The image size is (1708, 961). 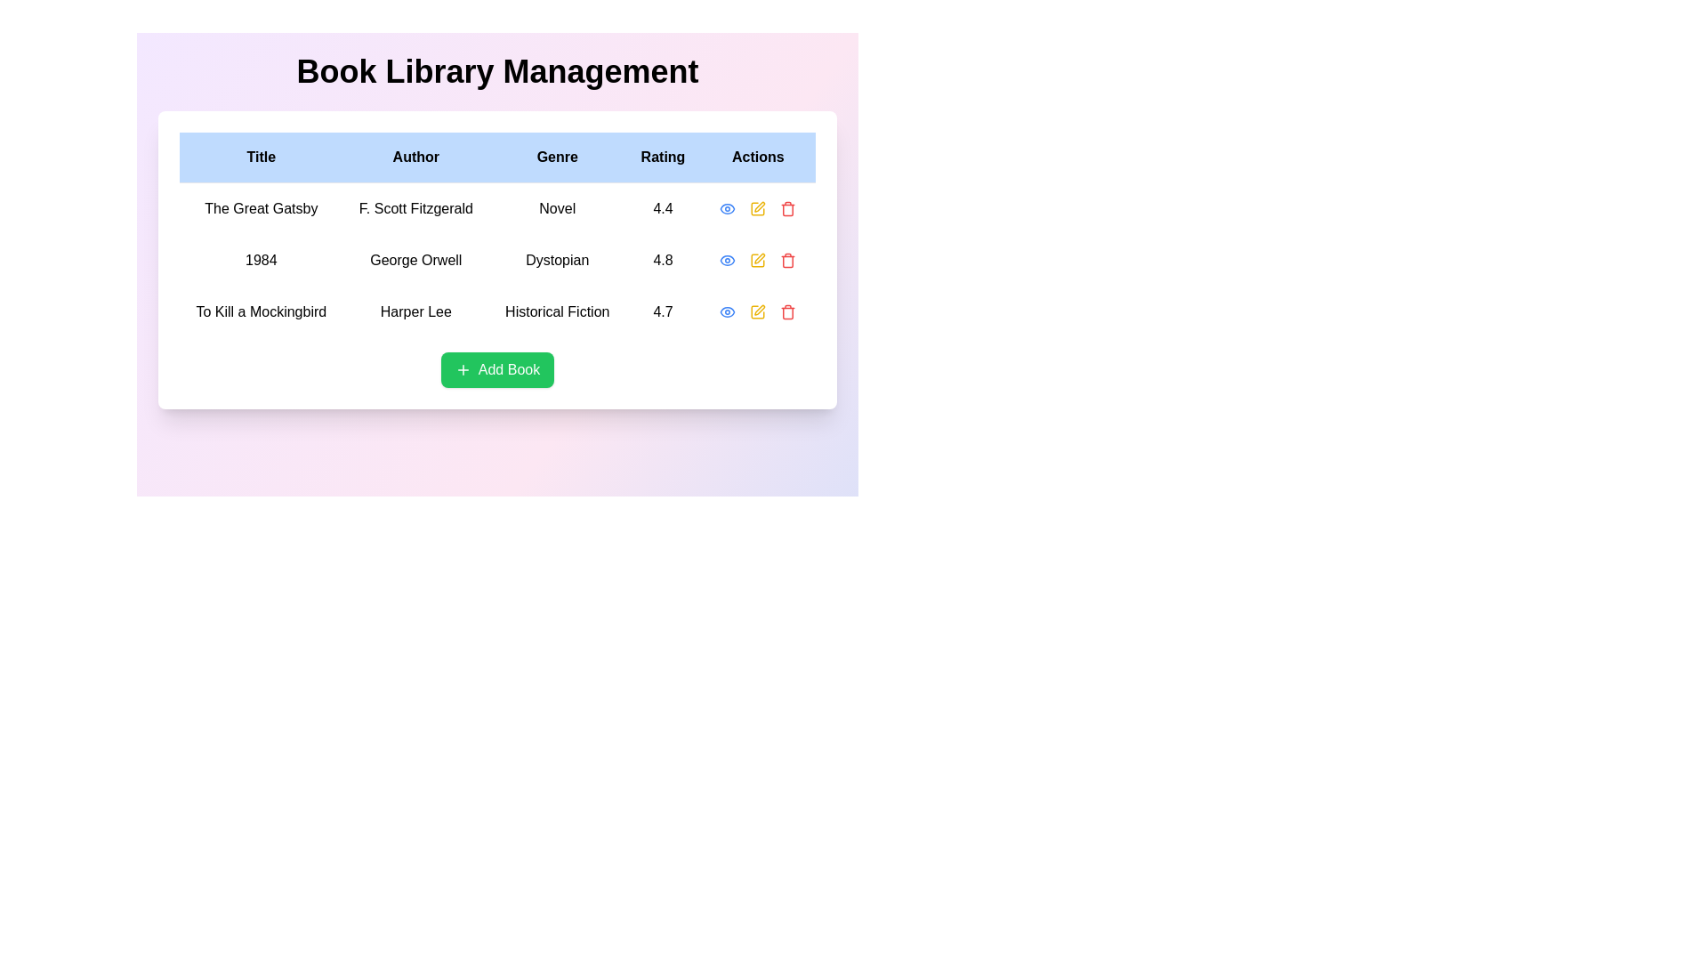 I want to click on the fourth header of the table that indicates book ratings, located between the 'Genre' and 'Actions' headers, so click(x=662, y=157).